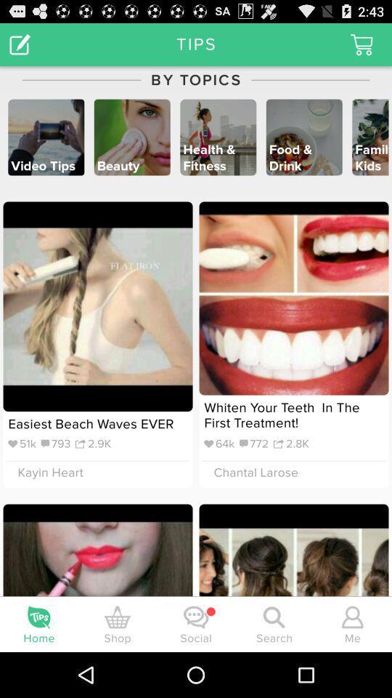  What do you see at coordinates (361, 44) in the screenshot?
I see `the item to the right of the by topics icon` at bounding box center [361, 44].